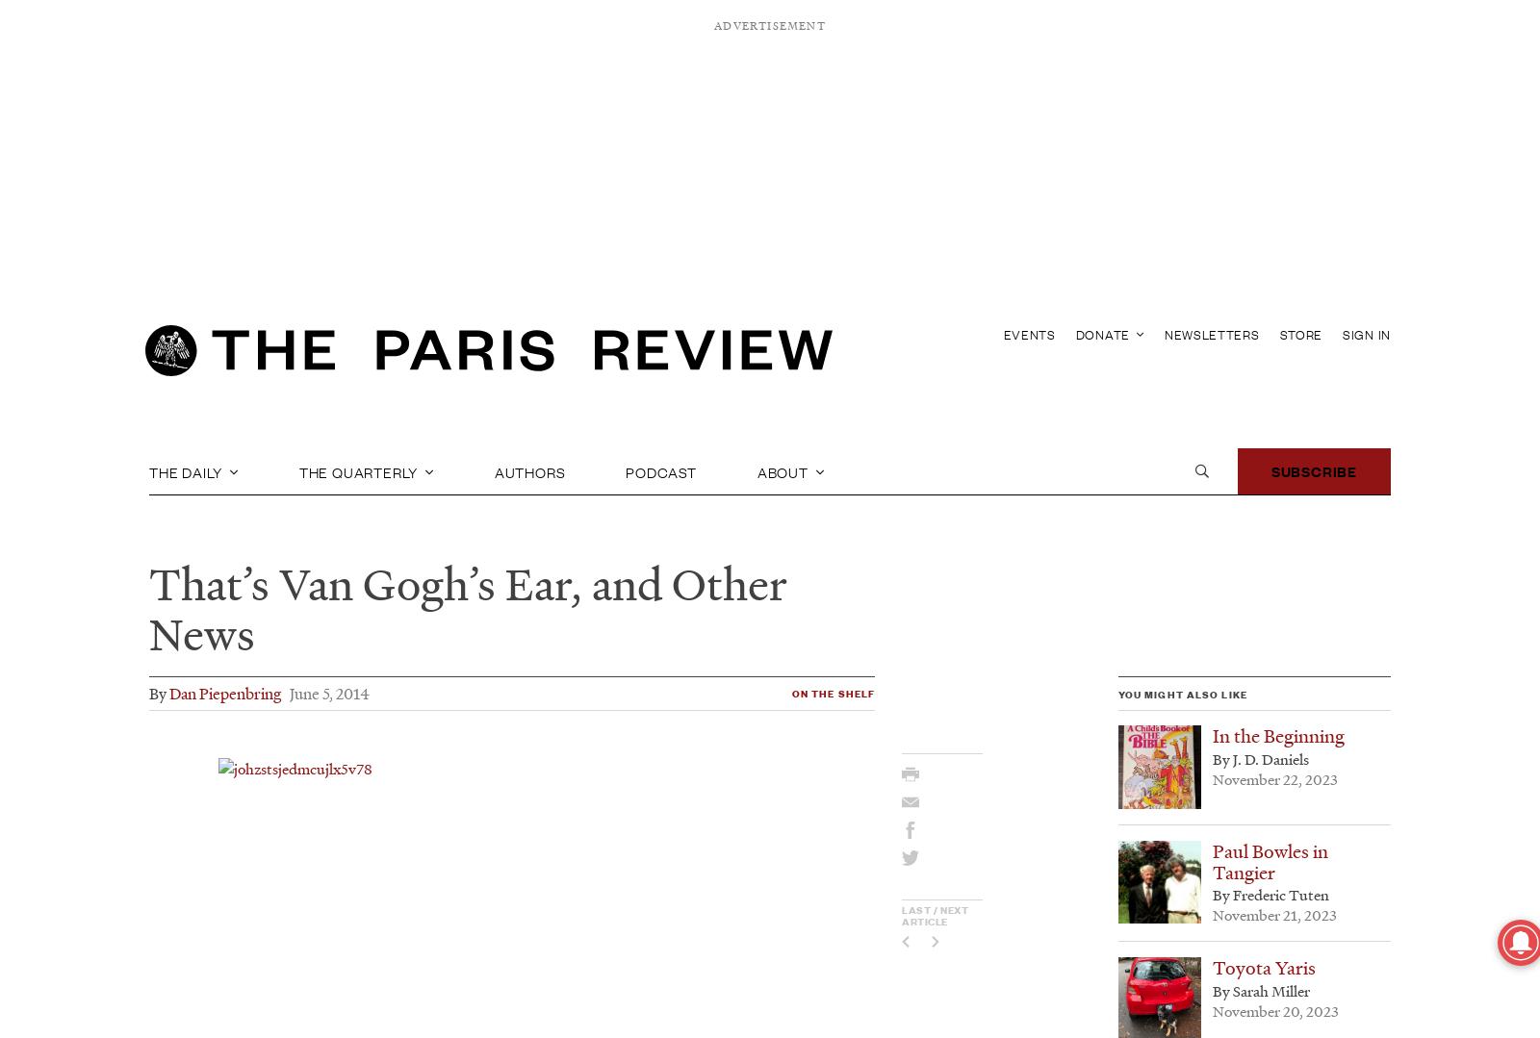 This screenshot has height=1038, width=1540. What do you see at coordinates (1260, 990) in the screenshot?
I see `'By Sarah Miller'` at bounding box center [1260, 990].